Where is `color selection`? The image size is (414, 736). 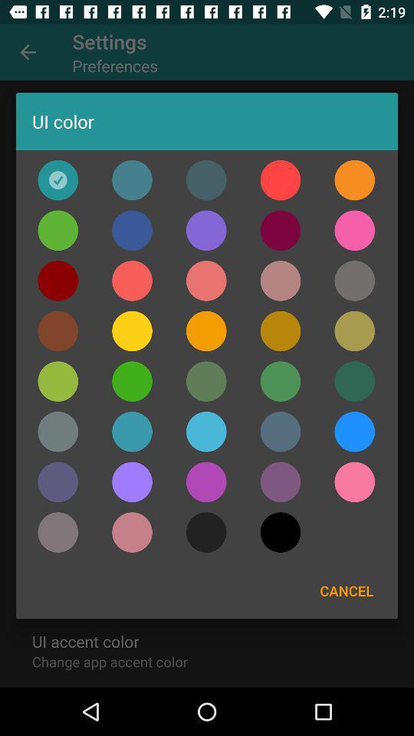
color selection is located at coordinates (280, 380).